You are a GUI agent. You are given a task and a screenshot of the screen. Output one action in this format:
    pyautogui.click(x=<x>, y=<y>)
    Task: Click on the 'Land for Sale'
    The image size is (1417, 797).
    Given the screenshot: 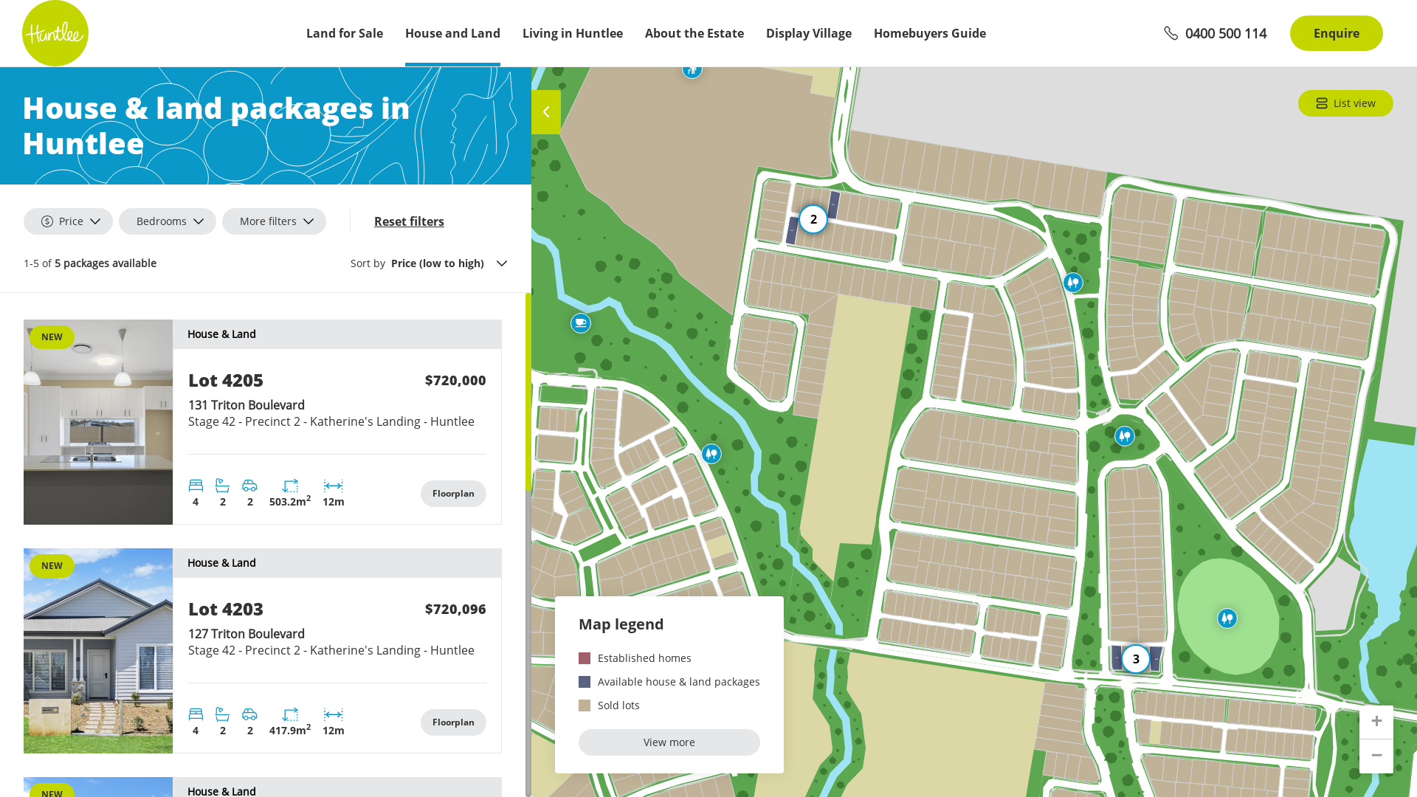 What is the action you would take?
    pyautogui.click(x=343, y=33)
    